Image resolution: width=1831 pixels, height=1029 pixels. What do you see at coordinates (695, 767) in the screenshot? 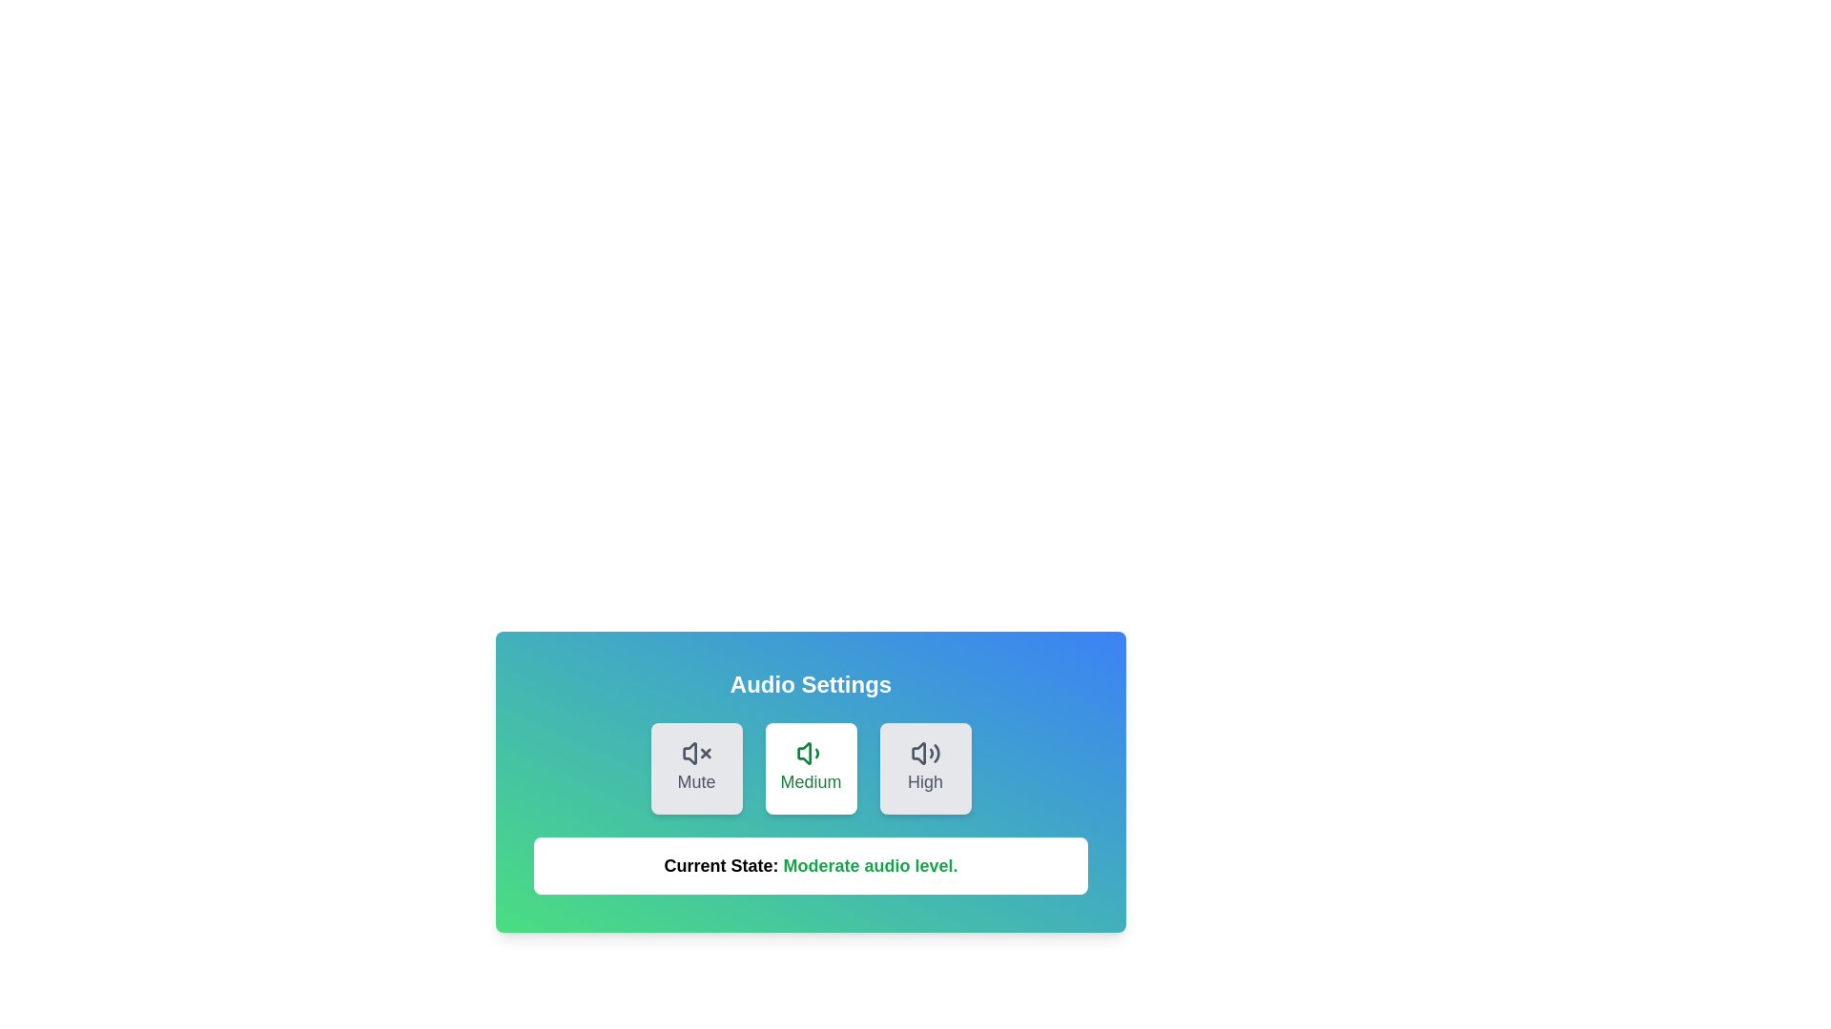
I see `the button corresponding to Mute` at bounding box center [695, 767].